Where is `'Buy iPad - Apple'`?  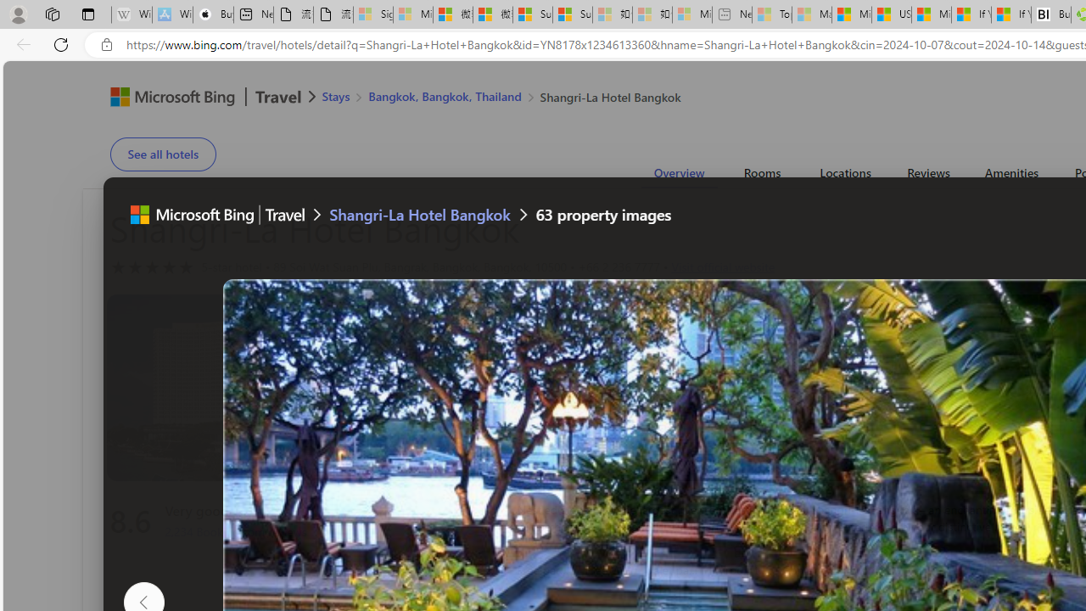 'Buy iPad - Apple' is located at coordinates (212, 14).